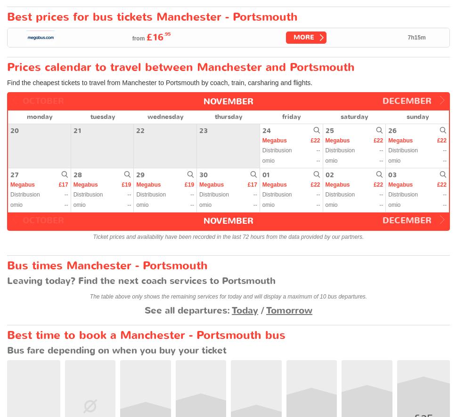  I want to click on 'Ticket prices and availability have been recorded in the last 72 hours from the data provided by our partners.', so click(228, 236).